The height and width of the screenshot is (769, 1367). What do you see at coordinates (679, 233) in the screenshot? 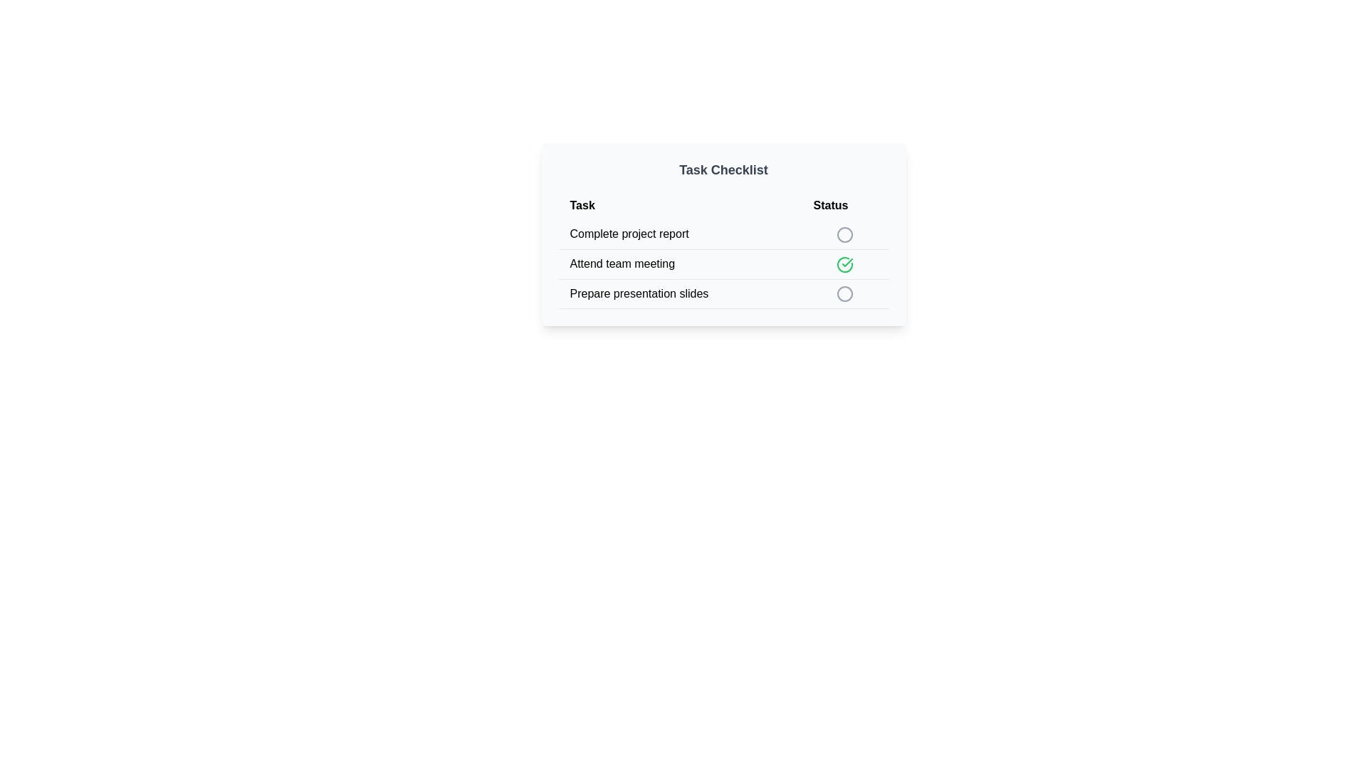
I see `the text label displaying 'Complete project report'` at bounding box center [679, 233].